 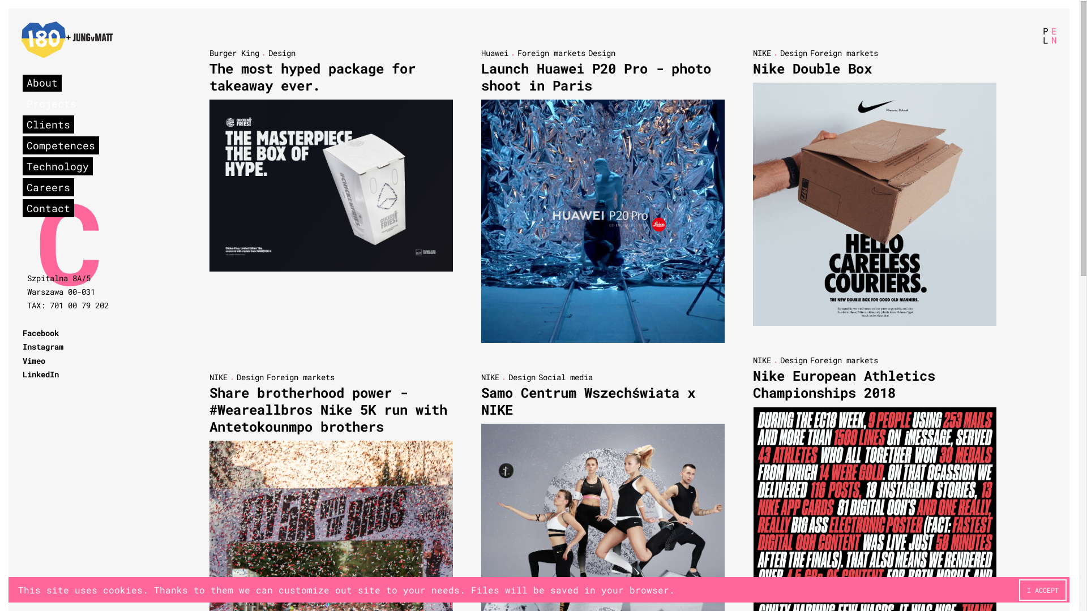 What do you see at coordinates (249, 378) in the screenshot?
I see `'Design'` at bounding box center [249, 378].